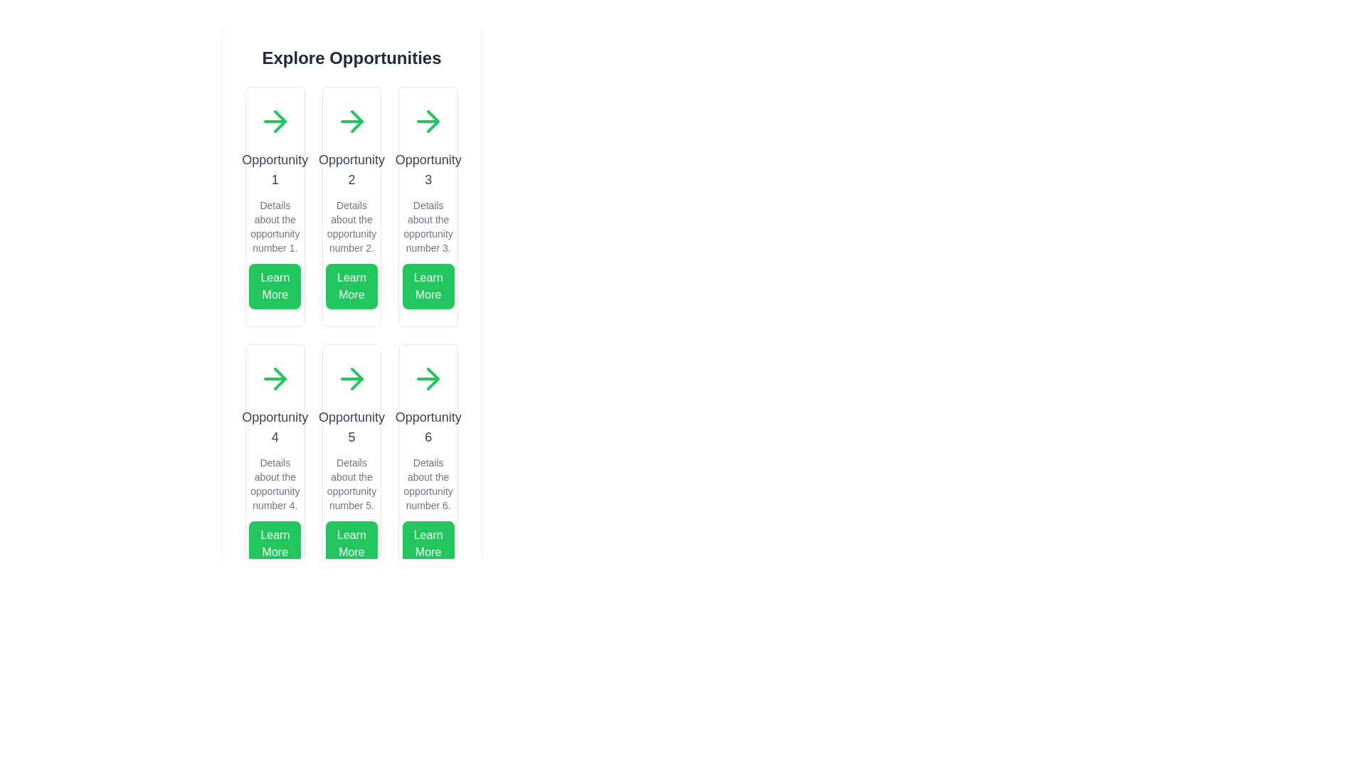 Image resolution: width=1366 pixels, height=768 pixels. What do you see at coordinates (356, 378) in the screenshot?
I see `the green rightward-pointing chevron arrow icon located in the center of the fifth opportunity card above the text 'Opportunity 5'` at bounding box center [356, 378].